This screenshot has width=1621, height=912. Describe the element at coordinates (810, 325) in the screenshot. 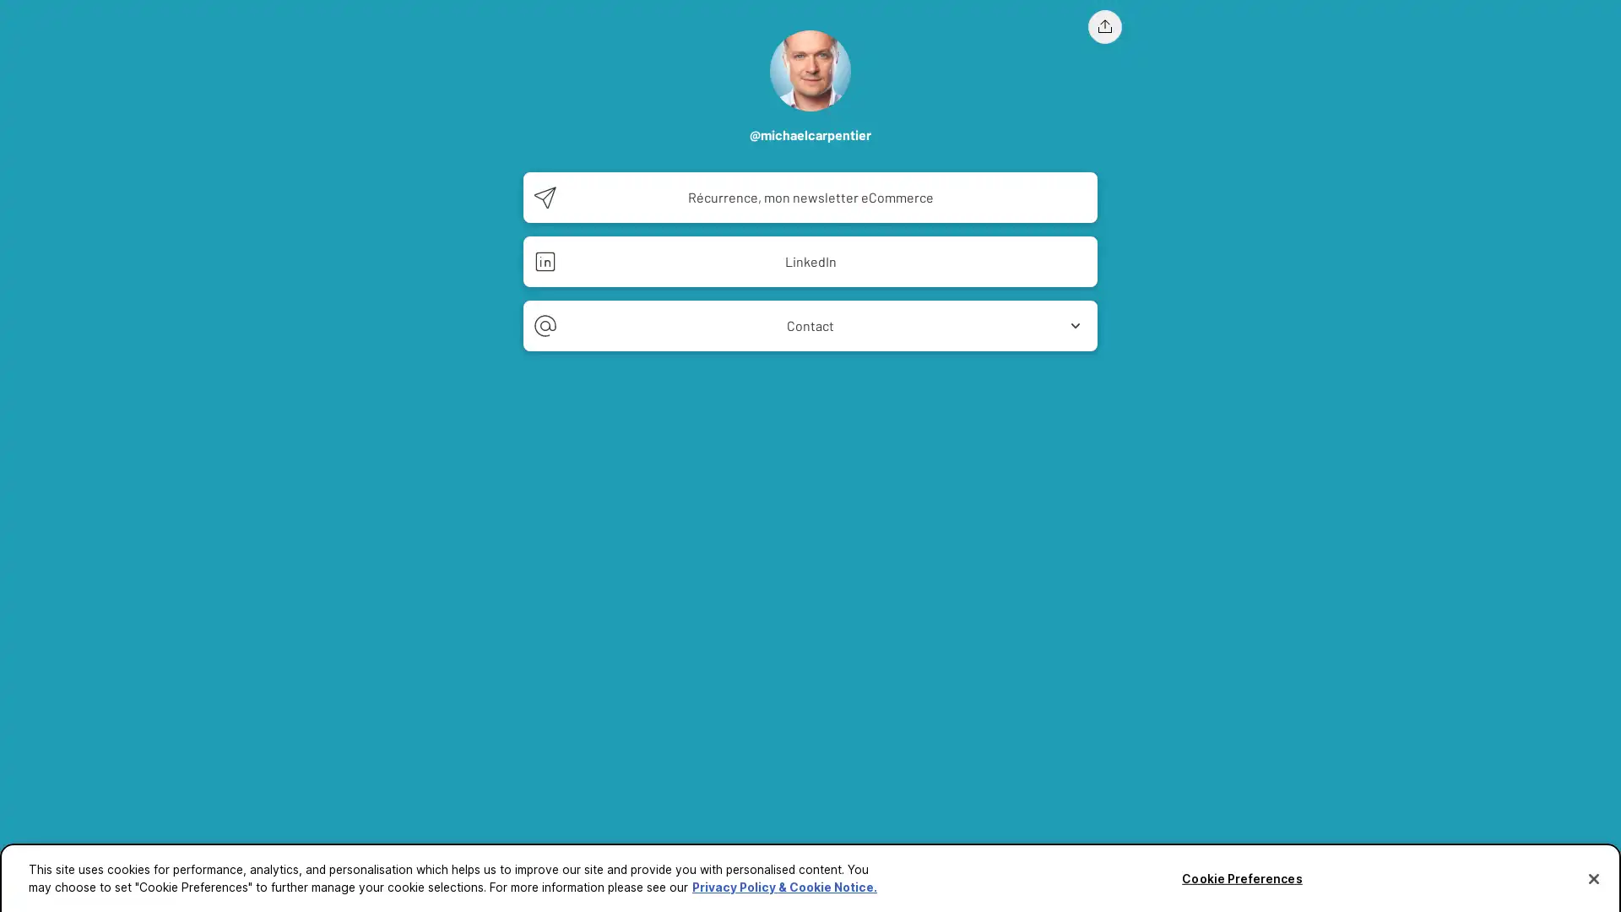

I see `Contact Expand` at that location.